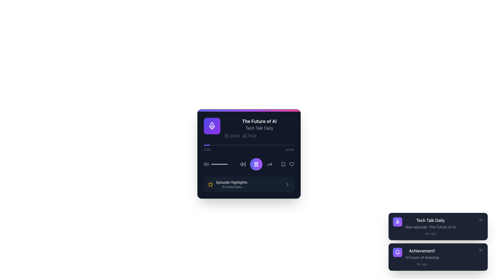 The width and height of the screenshot is (496, 279). Describe the element at coordinates (214, 164) in the screenshot. I see `the progress bar` at that location.